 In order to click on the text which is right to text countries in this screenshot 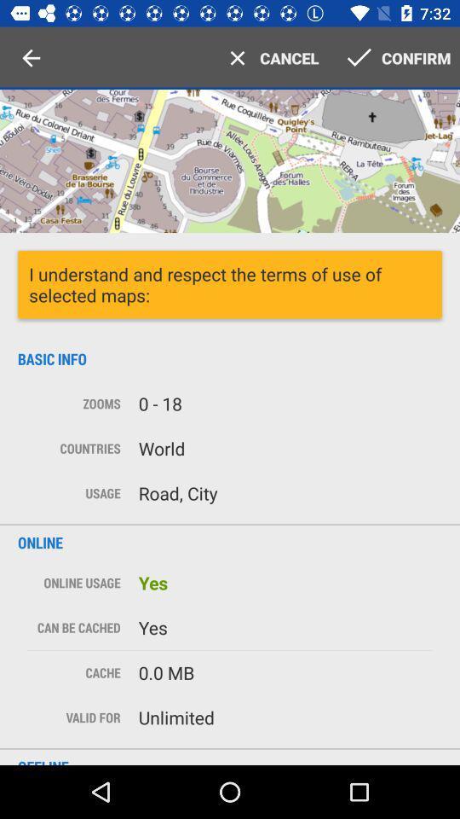, I will do `click(285, 447)`.